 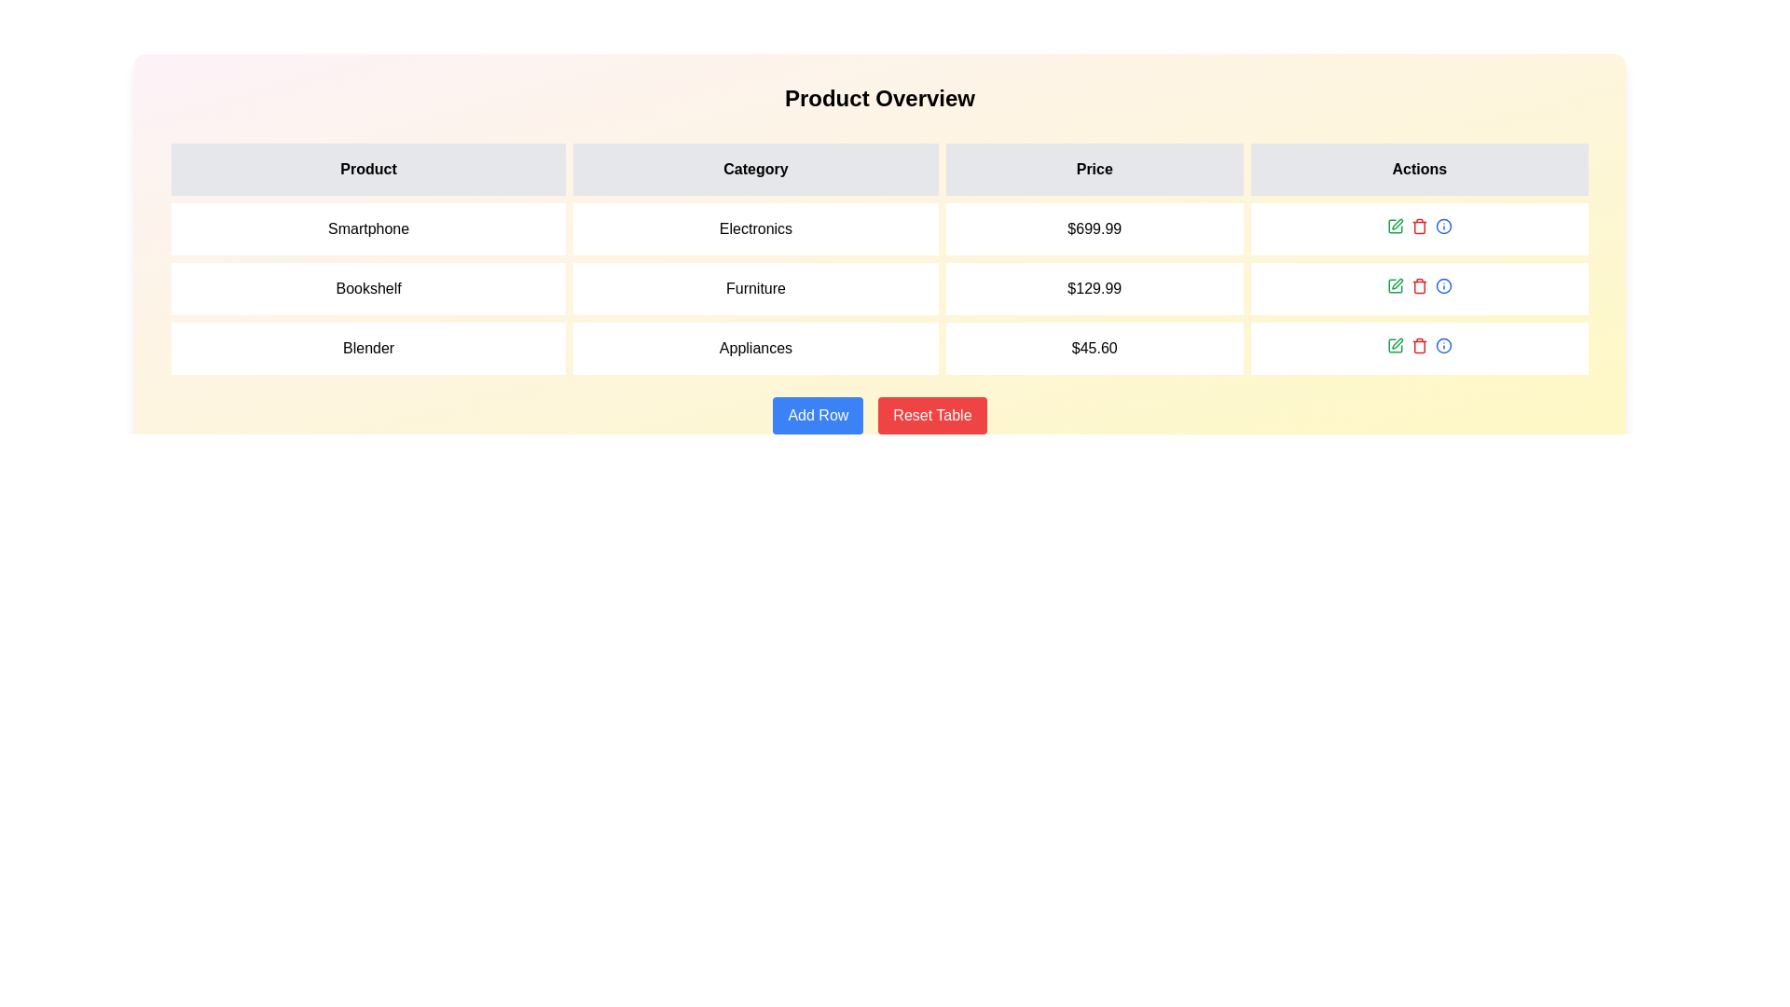 What do you see at coordinates (1418, 169) in the screenshot?
I see `text 'Actions' from the table header styled with bold, black text over a light gray background, located at the top-right corner of the table` at bounding box center [1418, 169].